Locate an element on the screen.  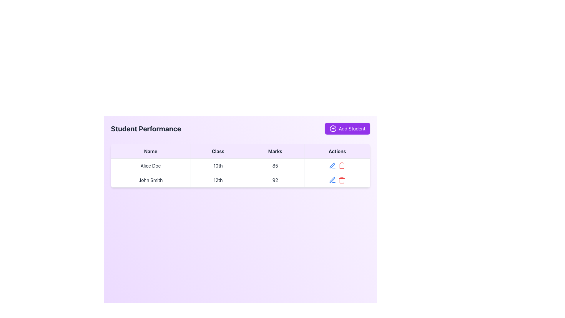
the edit icon button located in the second row of the table under the 'Actions' column, positioned to the left of the red trash bin icon is located at coordinates (333, 166).